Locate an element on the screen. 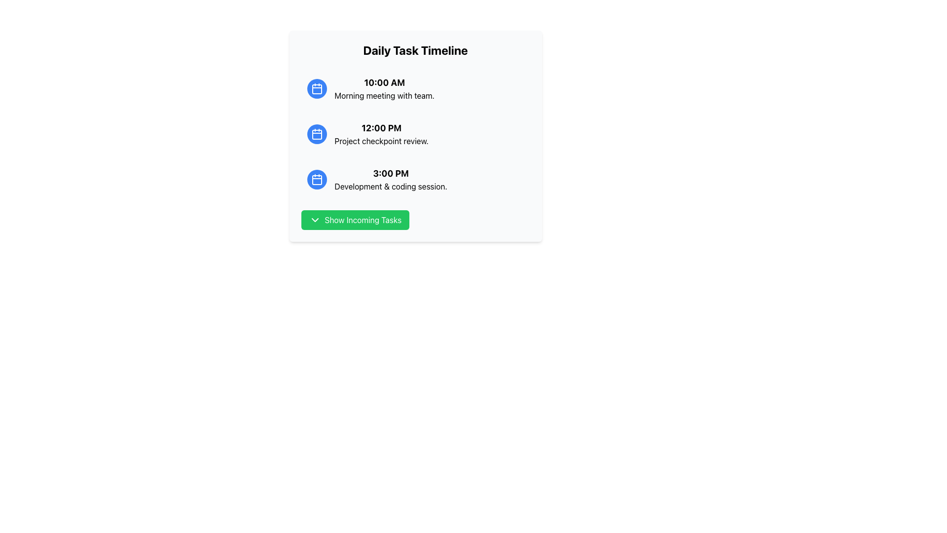 Image resolution: width=947 pixels, height=533 pixels. the calendar icon button located on the left side of the '3:00 PM Development & coding session' entry in the timeline box is located at coordinates (317, 179).